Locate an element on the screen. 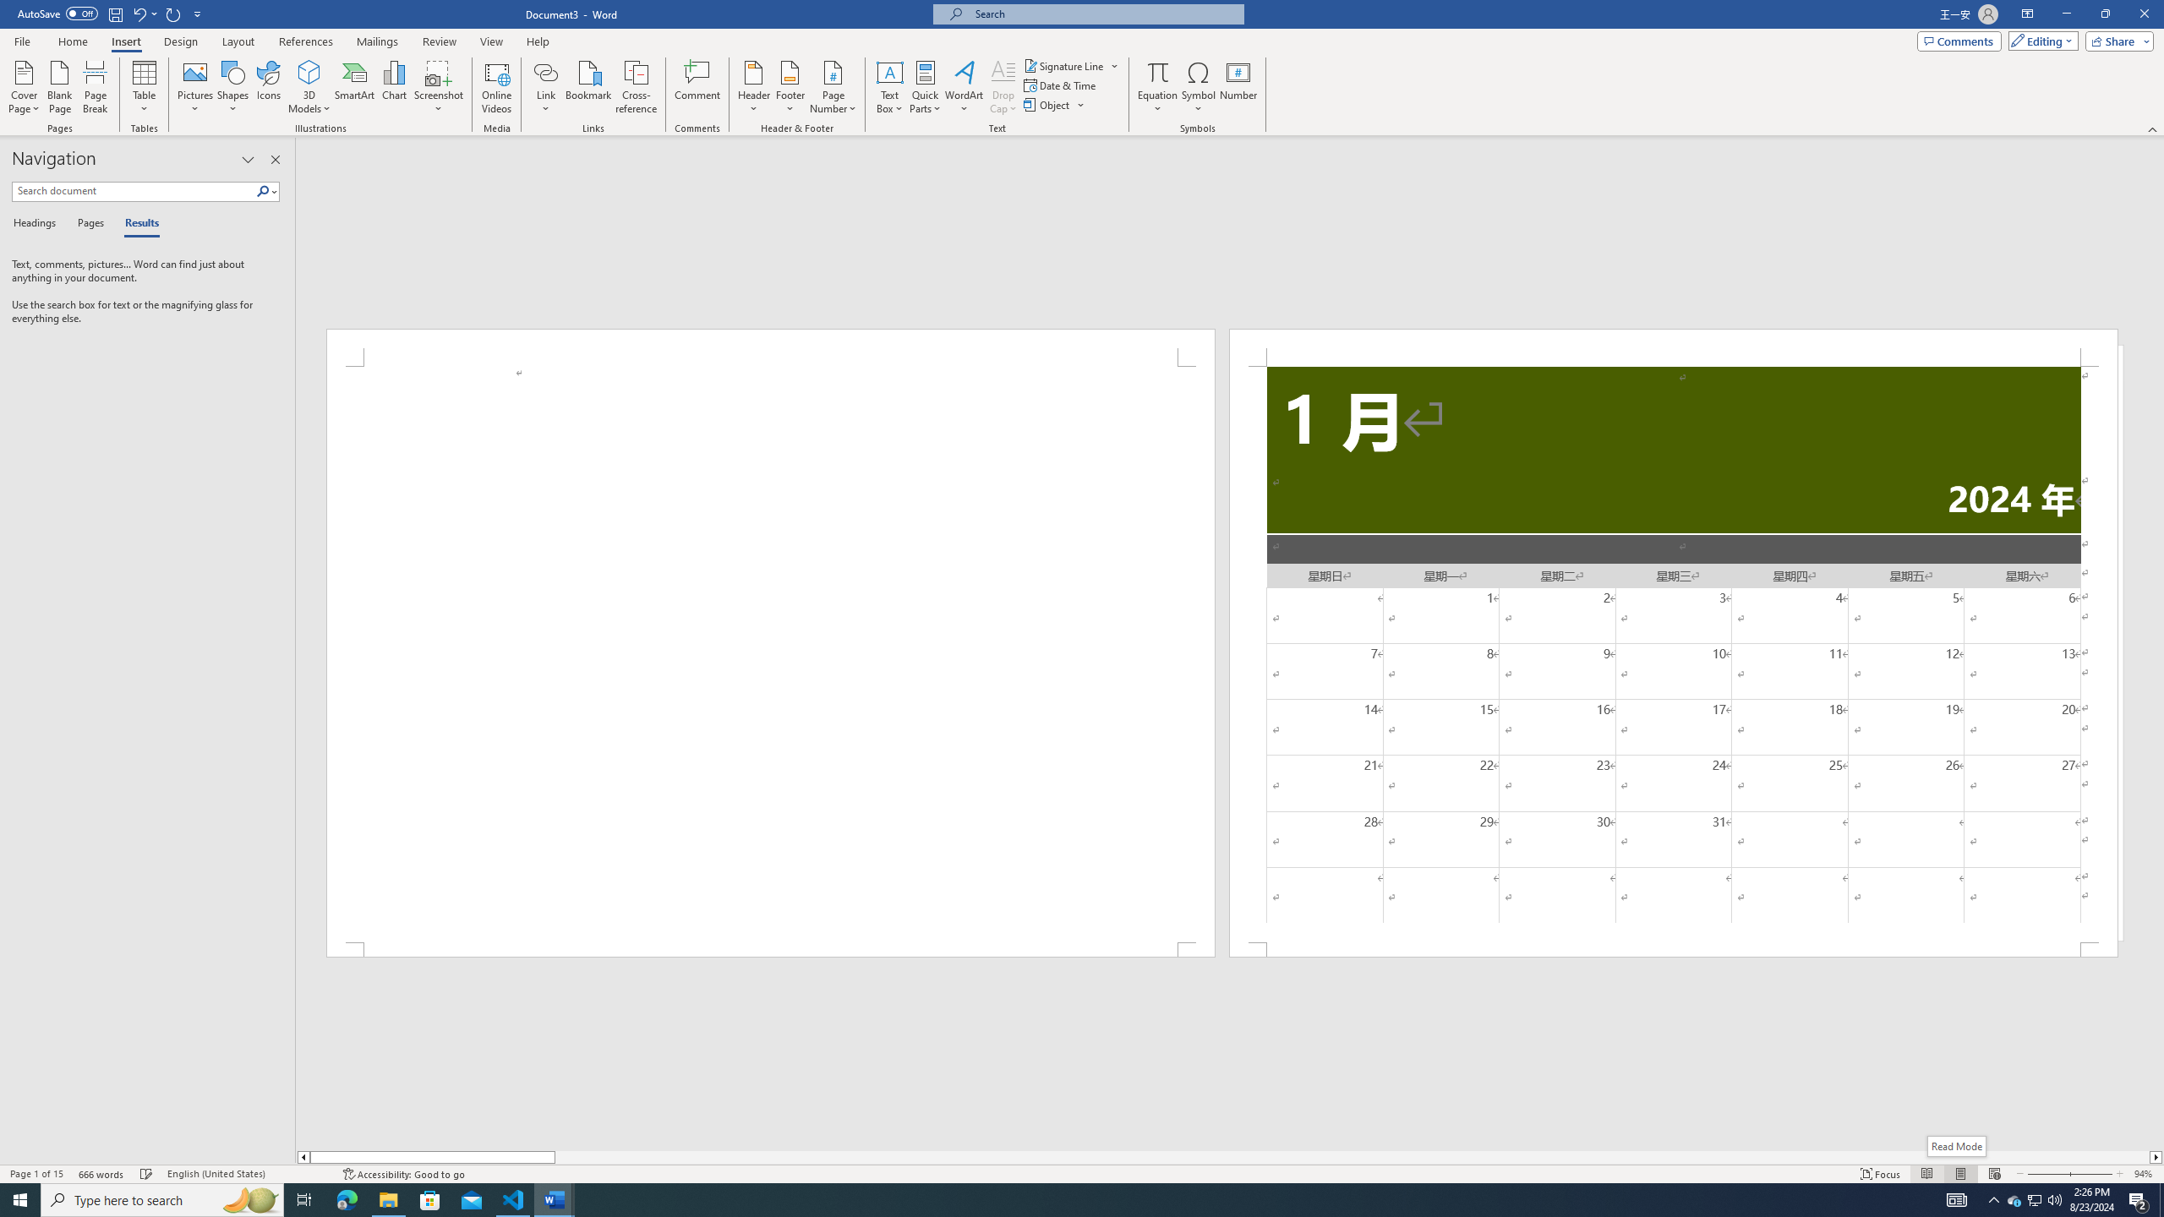 Image resolution: width=2164 pixels, height=1217 pixels. 'Chart...' is located at coordinates (394, 87).